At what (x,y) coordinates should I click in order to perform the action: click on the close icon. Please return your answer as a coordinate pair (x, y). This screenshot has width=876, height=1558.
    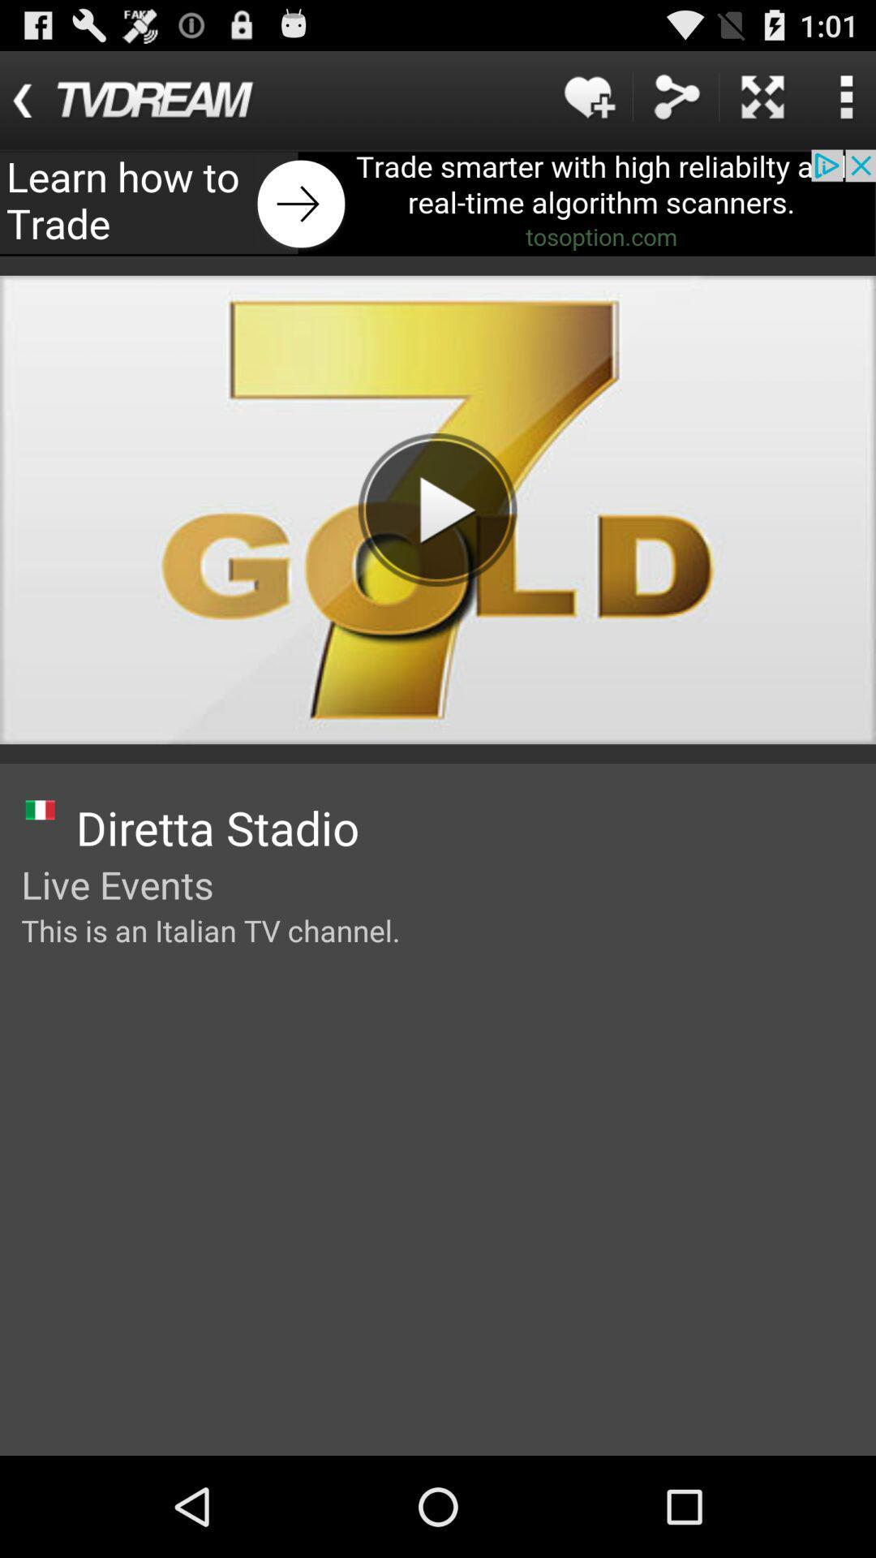
    Looking at the image, I should click on (762, 103).